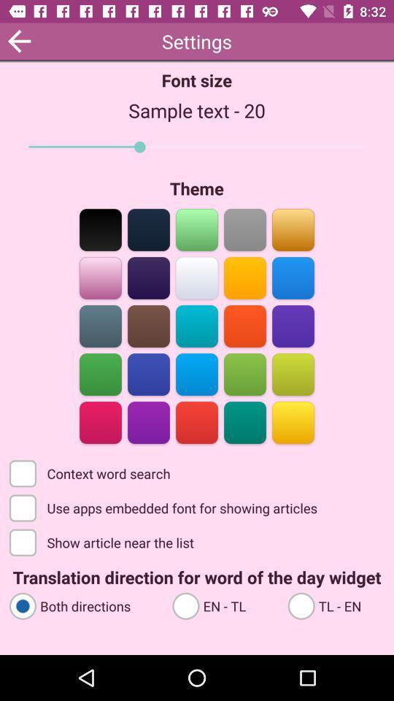 The height and width of the screenshot is (701, 394). Describe the element at coordinates (148, 372) in the screenshot. I see `blue theme color` at that location.